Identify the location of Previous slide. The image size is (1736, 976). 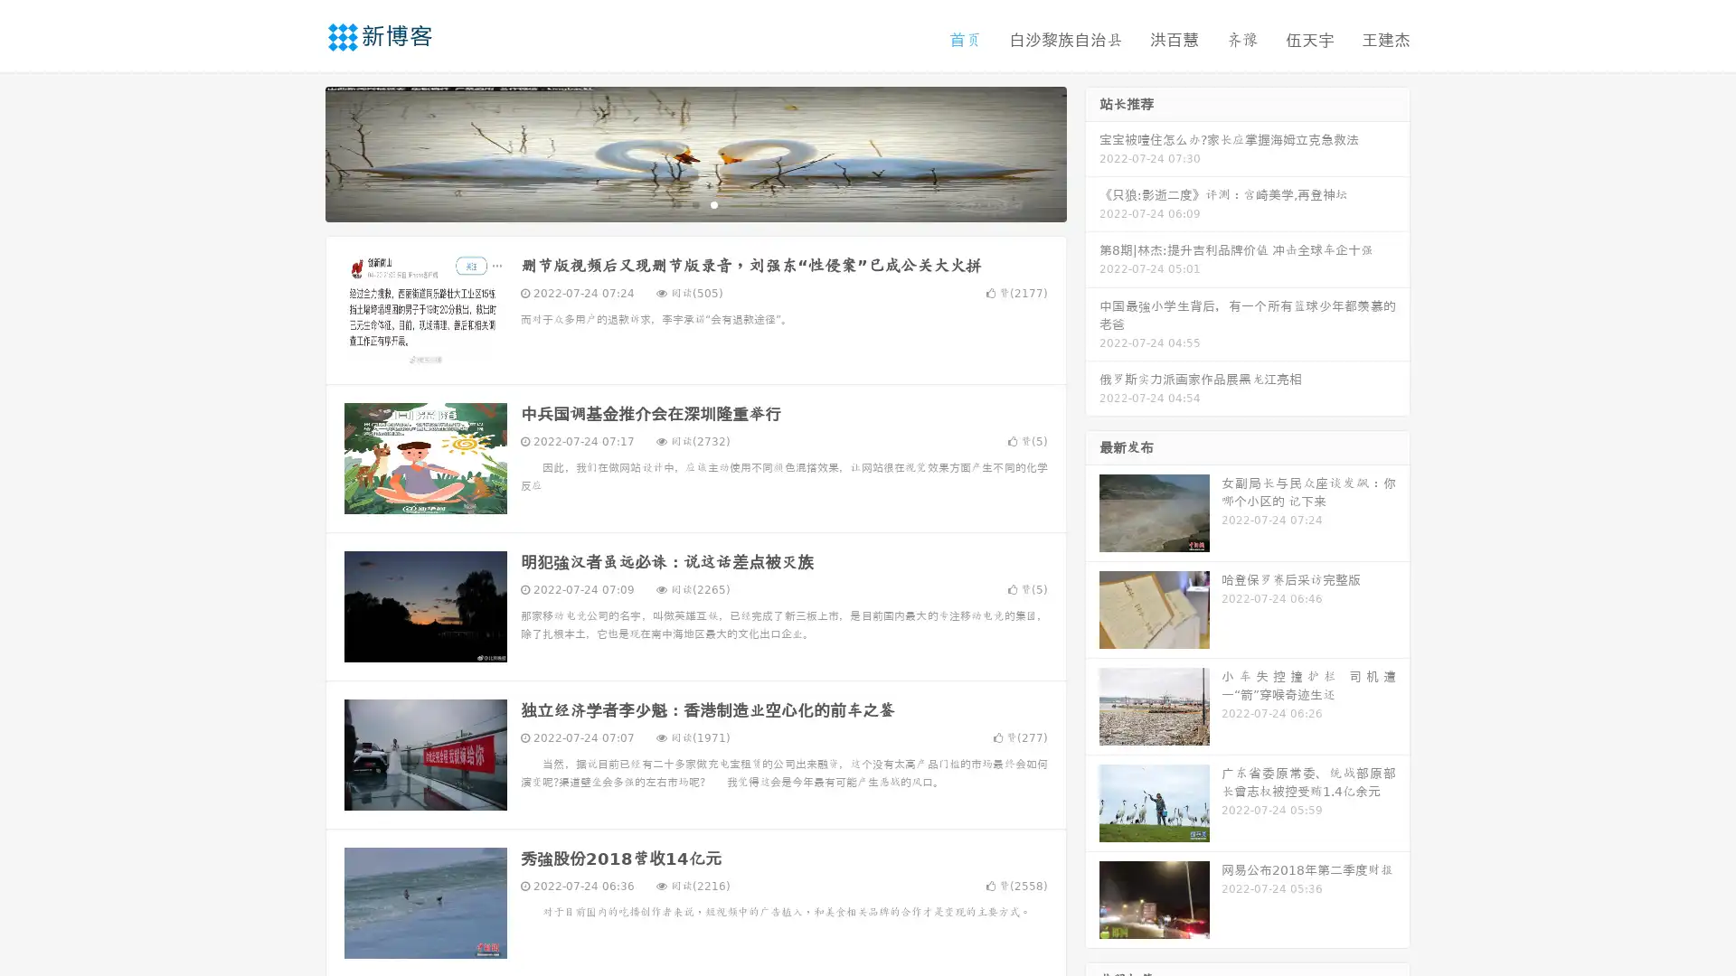
(298, 152).